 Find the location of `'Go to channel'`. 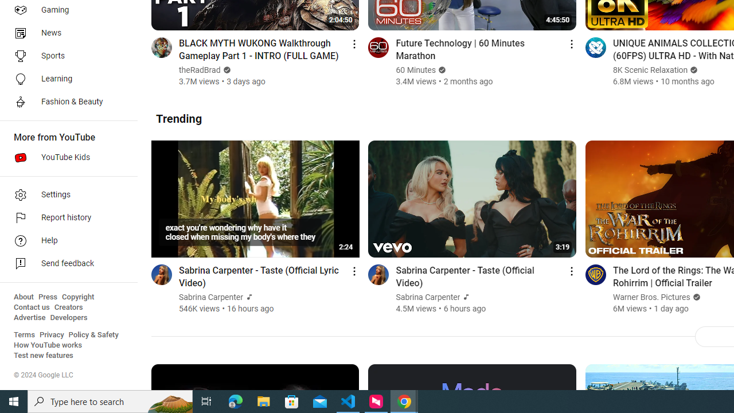

'Go to channel' is located at coordinates (595, 274).